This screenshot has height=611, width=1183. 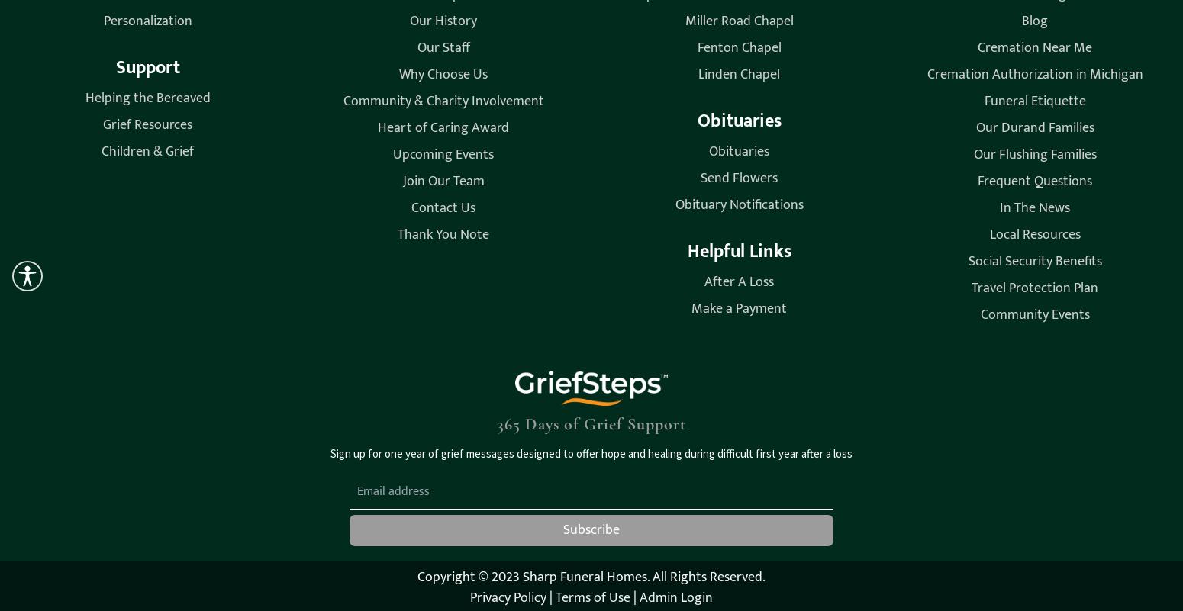 What do you see at coordinates (146, 96) in the screenshot?
I see `'Helping the Bereaved'` at bounding box center [146, 96].